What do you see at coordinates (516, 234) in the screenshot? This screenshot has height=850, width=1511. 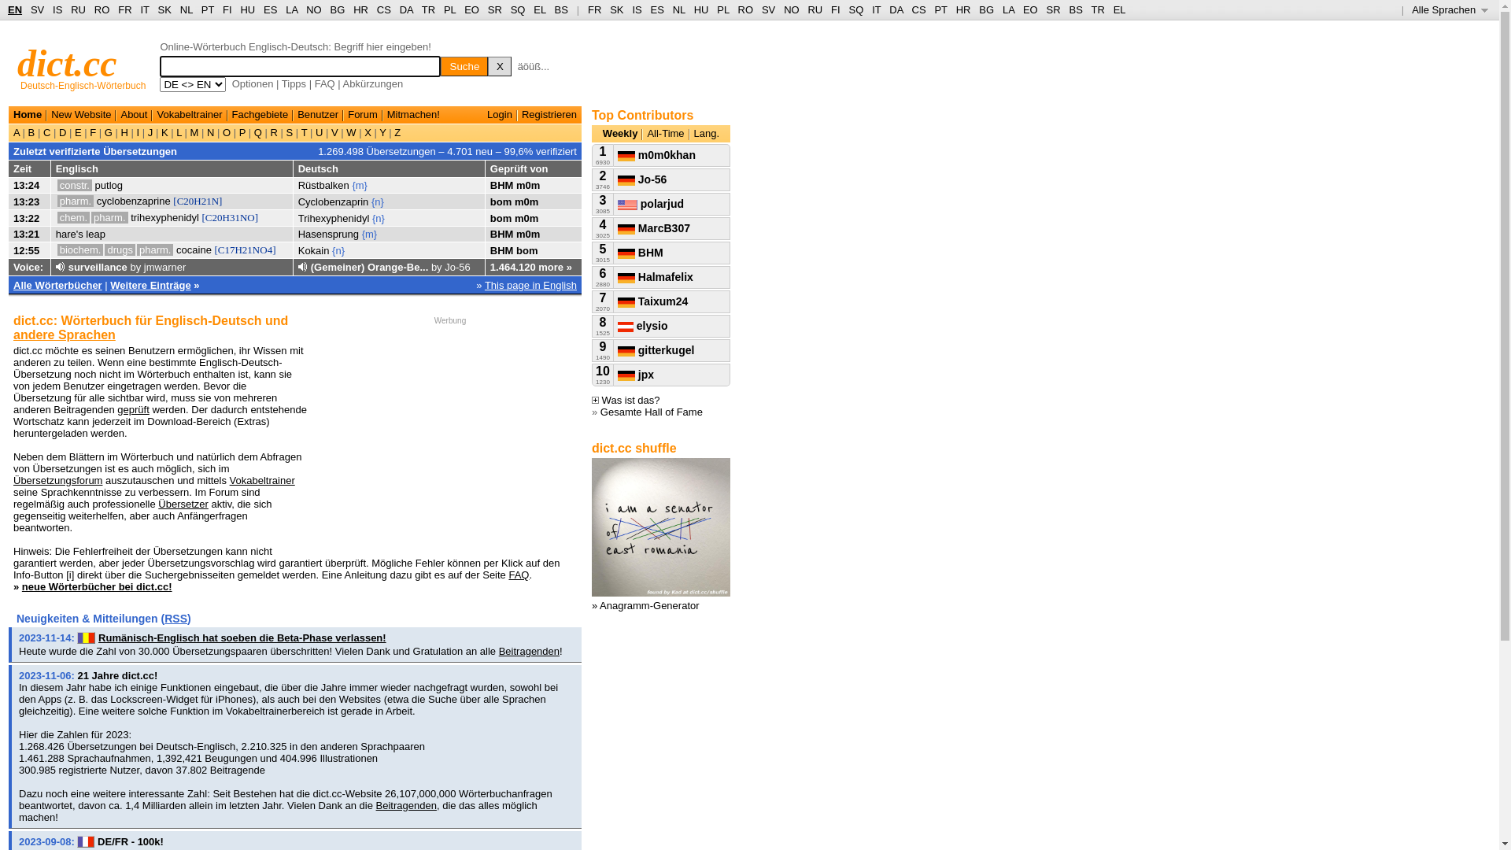 I see `'m0m'` at bounding box center [516, 234].